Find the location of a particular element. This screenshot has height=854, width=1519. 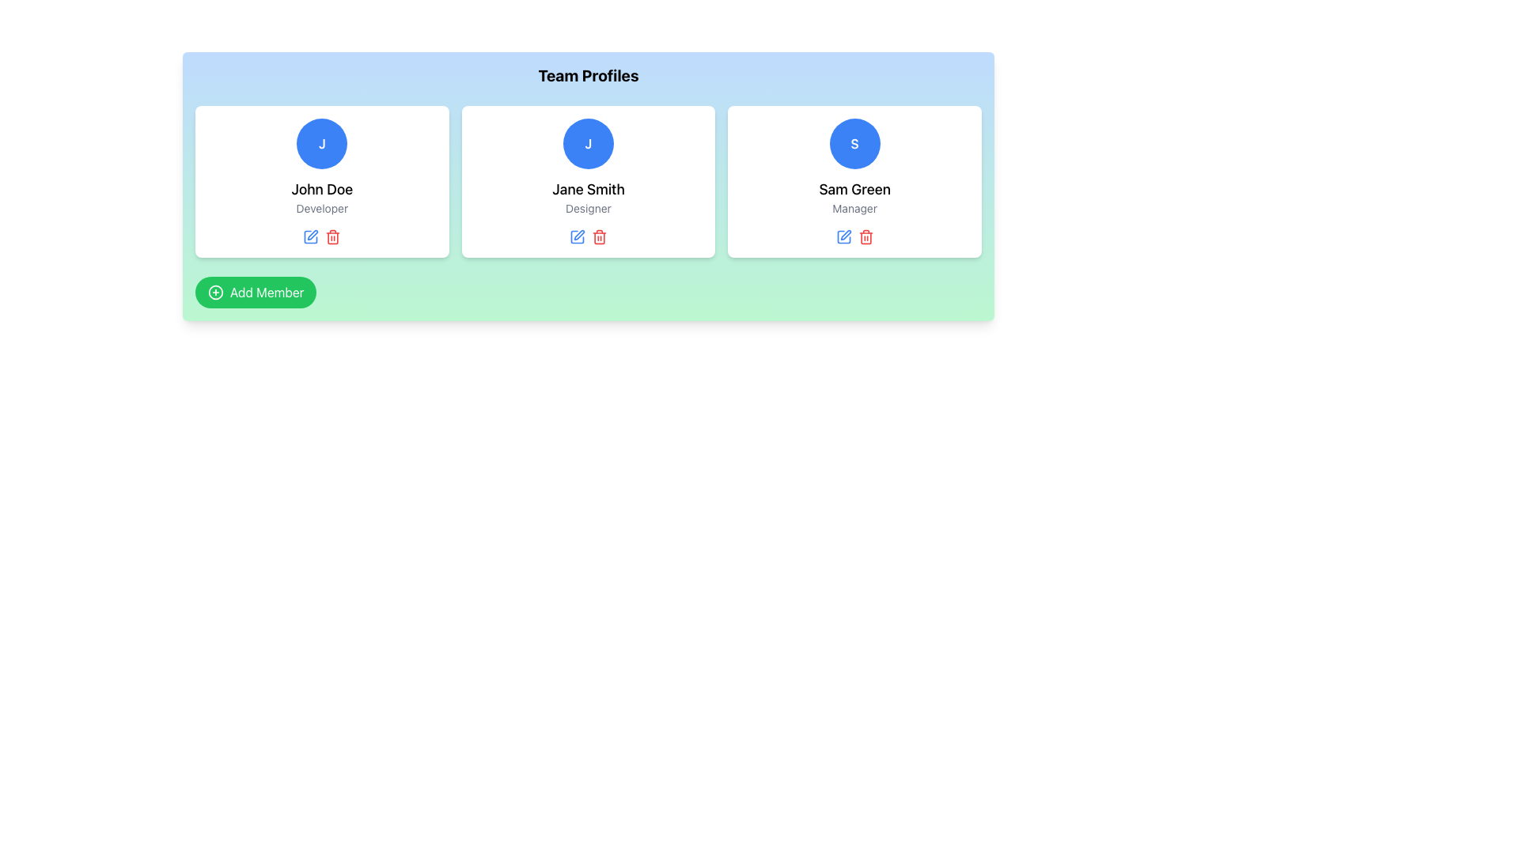

the Text Block displaying 'John Doe' and 'Developer' below the blue circular icon with 'J' is located at coordinates (321, 197).